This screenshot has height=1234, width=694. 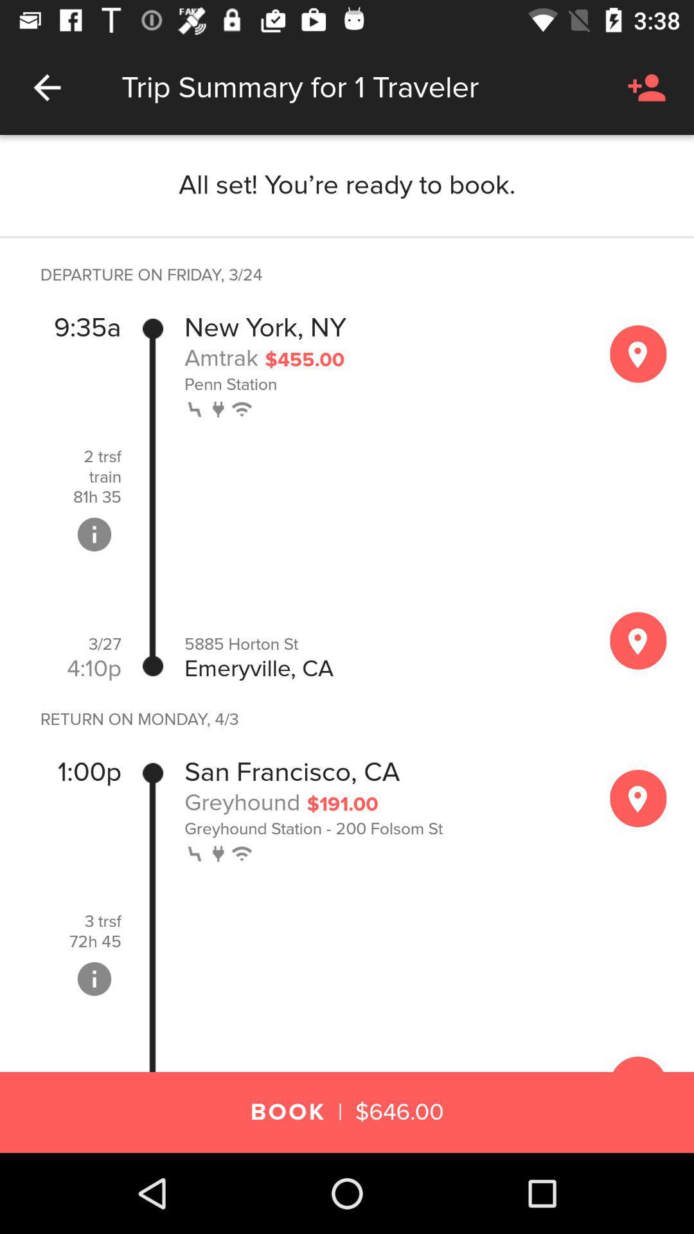 What do you see at coordinates (93, 534) in the screenshot?
I see `information` at bounding box center [93, 534].